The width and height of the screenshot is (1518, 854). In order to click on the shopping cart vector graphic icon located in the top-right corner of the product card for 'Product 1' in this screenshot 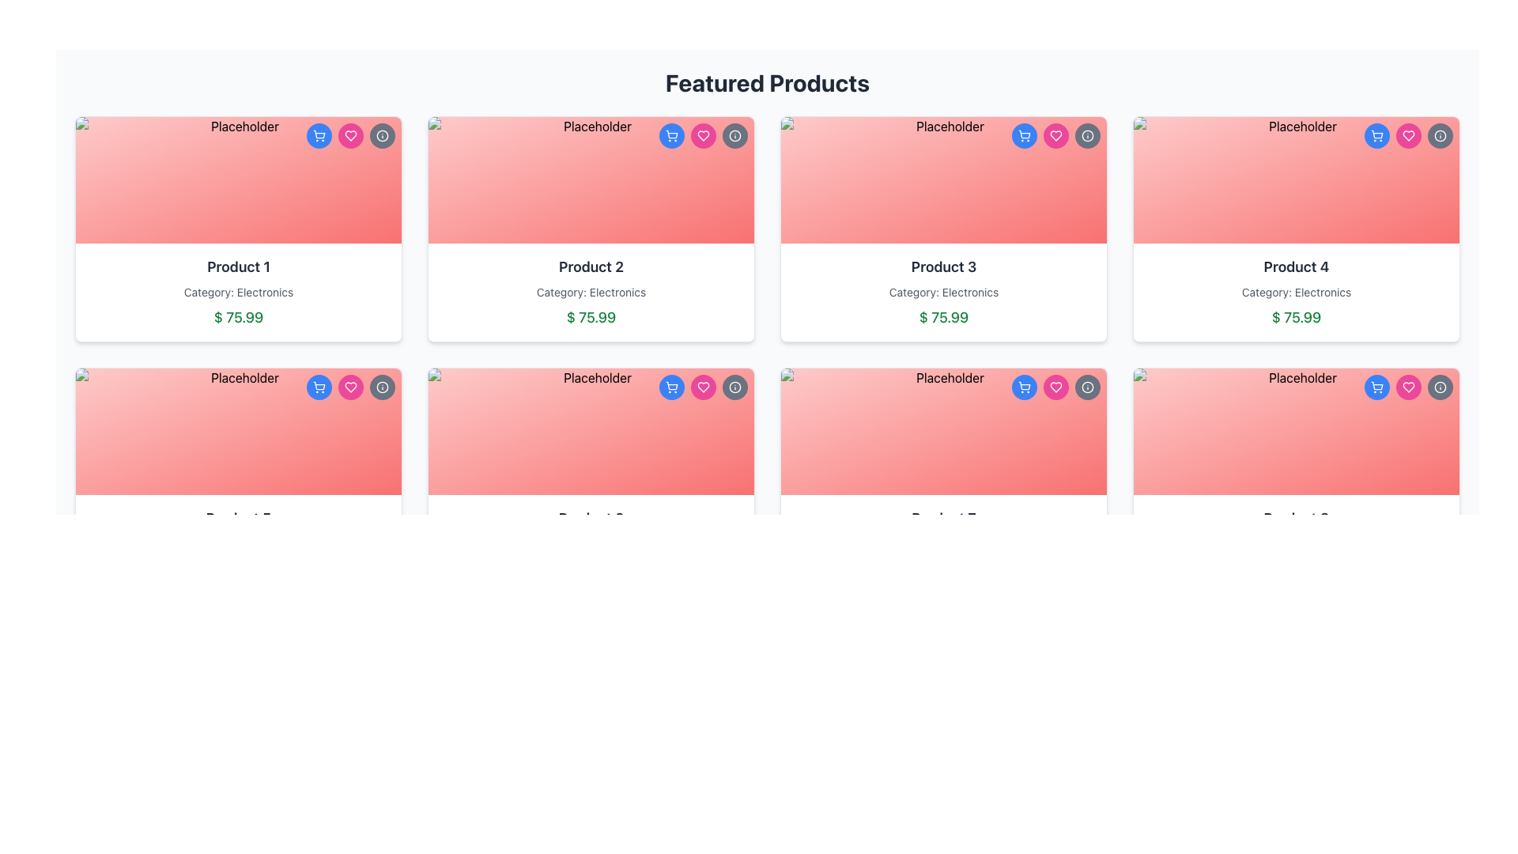, I will do `click(318, 133)`.